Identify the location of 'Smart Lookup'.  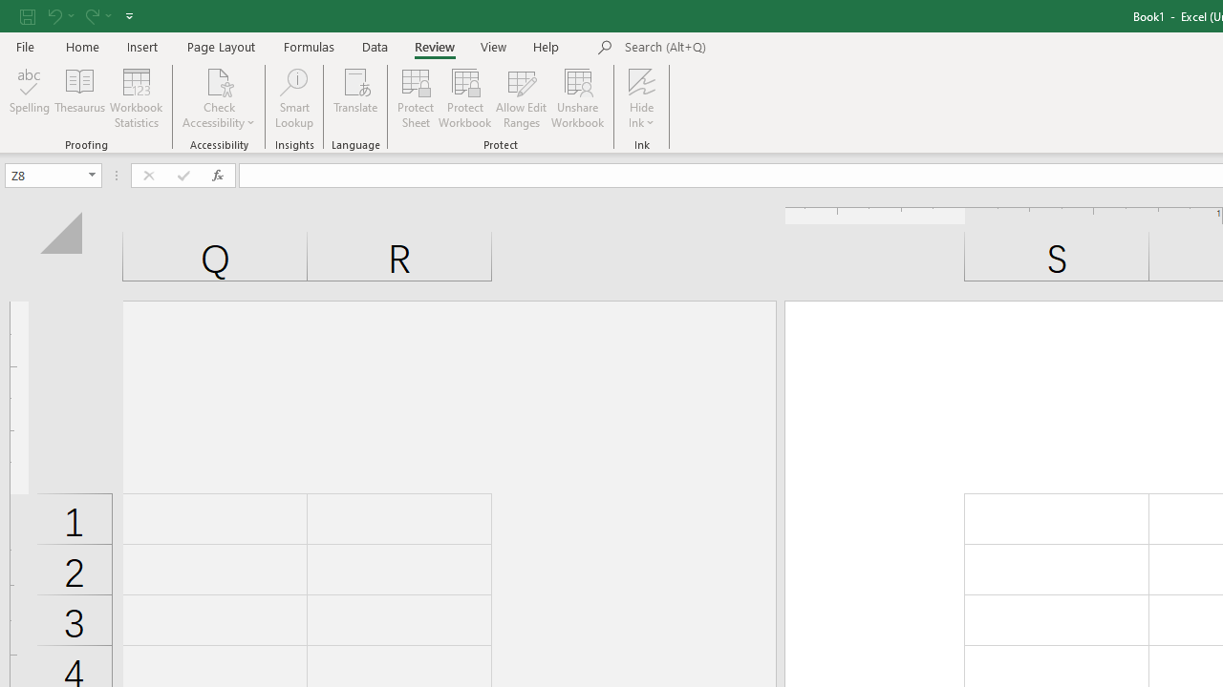
(293, 98).